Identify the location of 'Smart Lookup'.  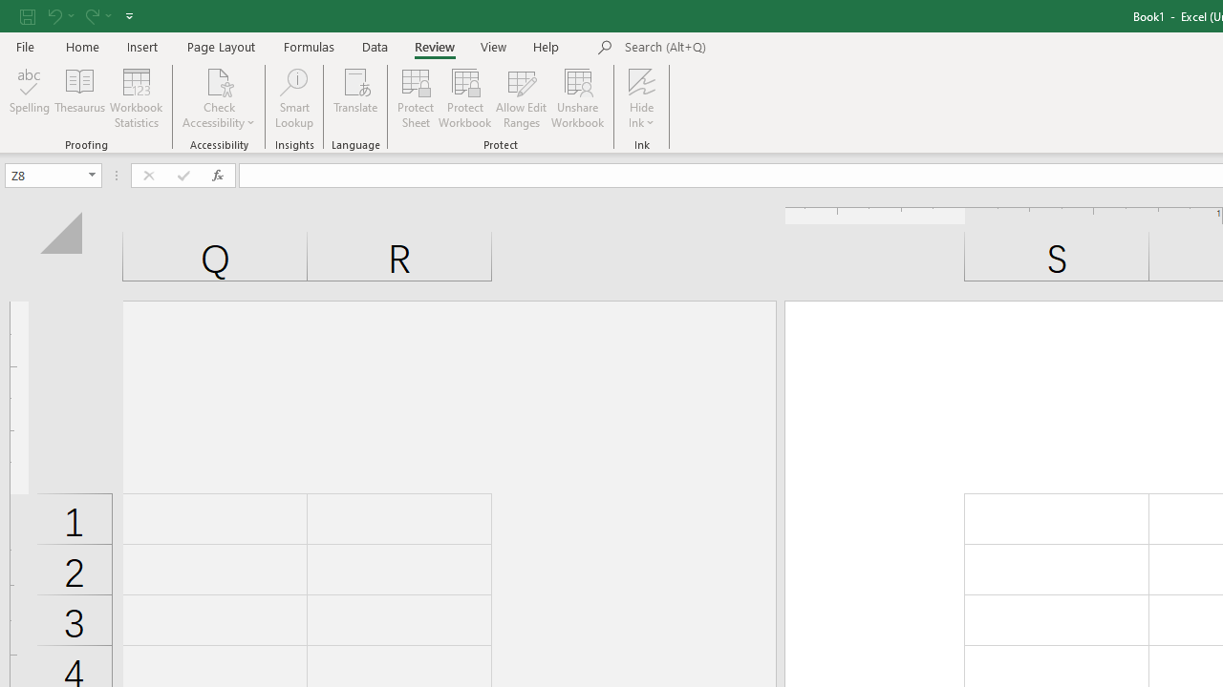
(293, 98).